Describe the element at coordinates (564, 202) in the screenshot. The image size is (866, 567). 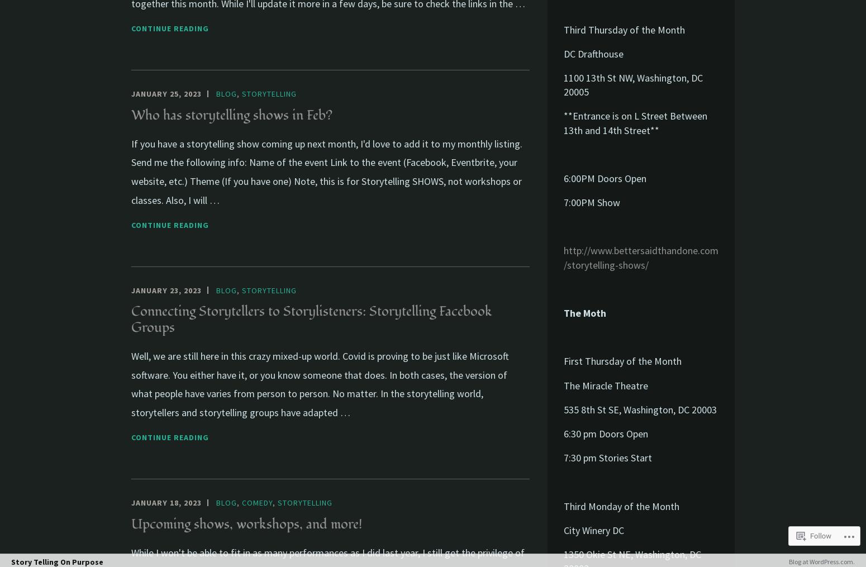
I see `'7:00PM Show'` at that location.